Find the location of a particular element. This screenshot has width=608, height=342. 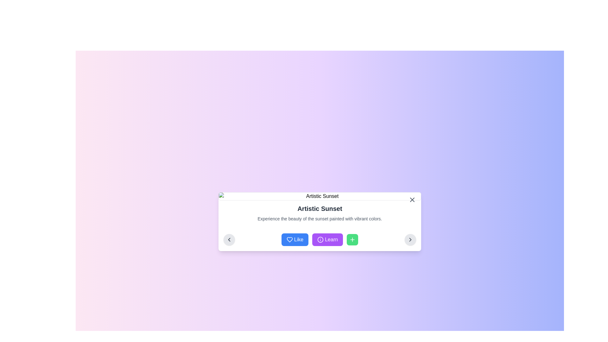

the circular button with a light gray background and a right-pointing chevron icon to proceed is located at coordinates (410, 239).